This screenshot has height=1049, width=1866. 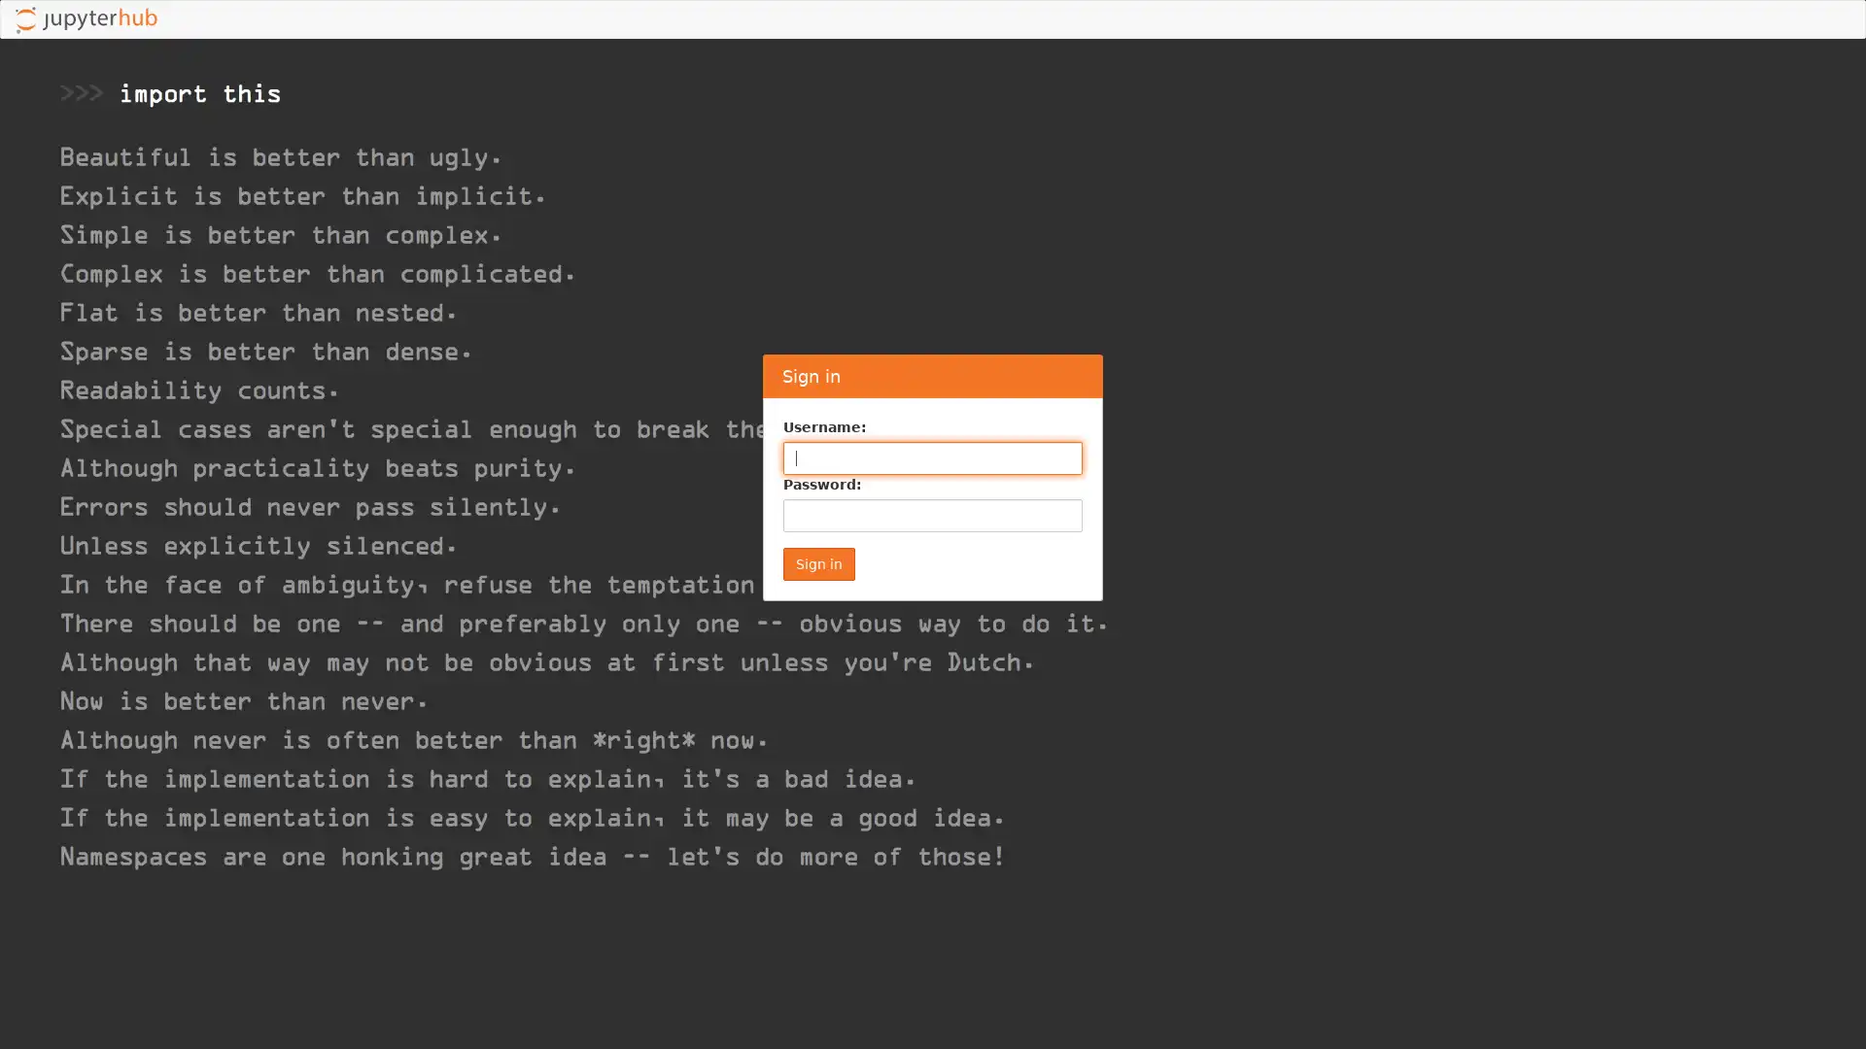 What do you see at coordinates (819, 564) in the screenshot?
I see `Sign in` at bounding box center [819, 564].